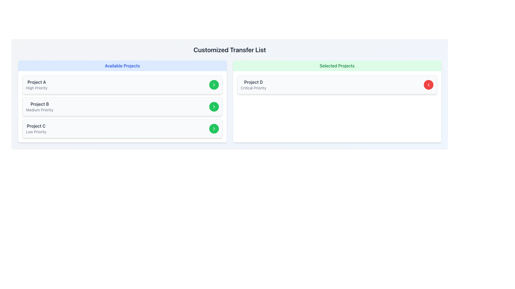 The height and width of the screenshot is (289, 515). Describe the element at coordinates (428, 84) in the screenshot. I see `the button to remove 'Project D - Critical Priority' from the 'Selected Projects' list by setting the keyboard focus on it` at that location.